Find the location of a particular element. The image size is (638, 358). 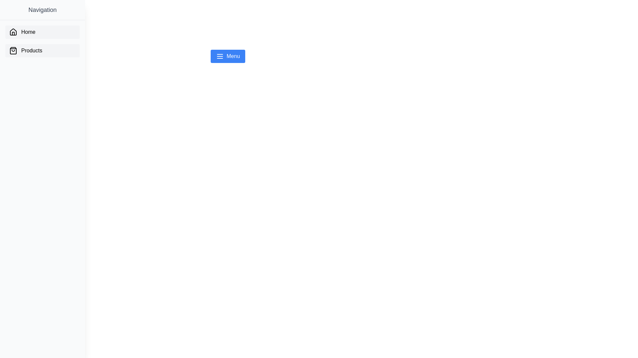

the 'Products' button in the drawer menu is located at coordinates (42, 50).